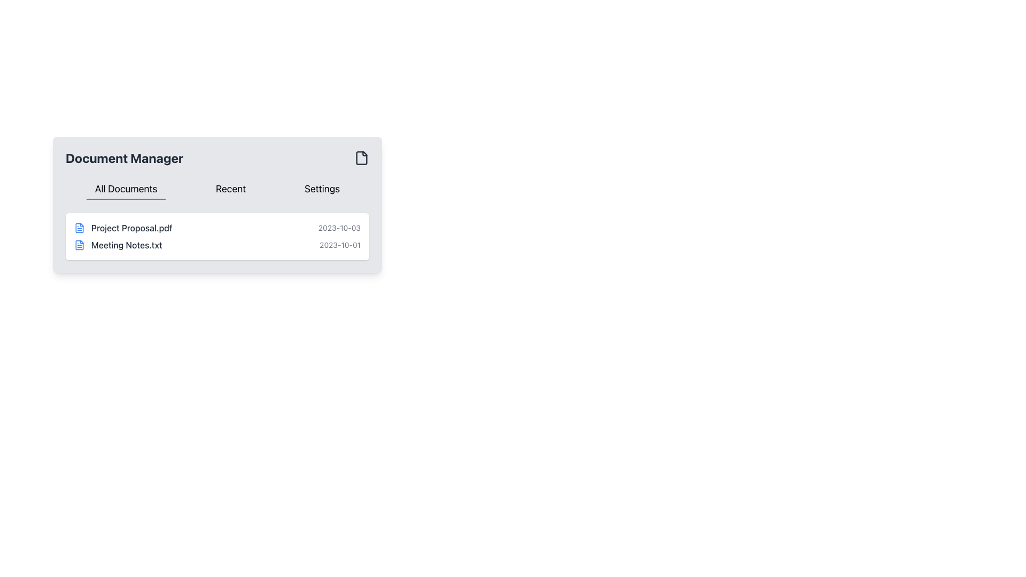 This screenshot has height=577, width=1026. What do you see at coordinates (127, 245) in the screenshot?
I see `the second document name in the 'Document Manager' panel` at bounding box center [127, 245].